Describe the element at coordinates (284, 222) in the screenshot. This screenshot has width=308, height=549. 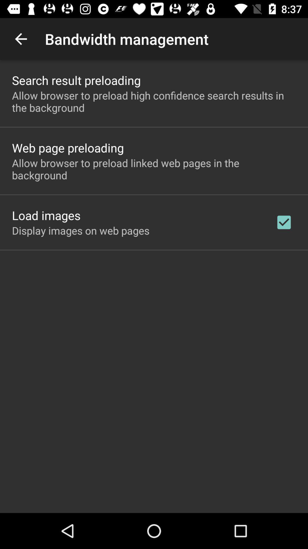
I see `checkbox on the right` at that location.